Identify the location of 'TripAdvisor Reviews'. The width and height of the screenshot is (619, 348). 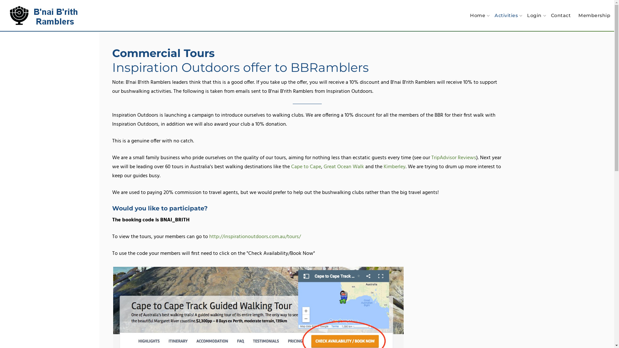
(453, 158).